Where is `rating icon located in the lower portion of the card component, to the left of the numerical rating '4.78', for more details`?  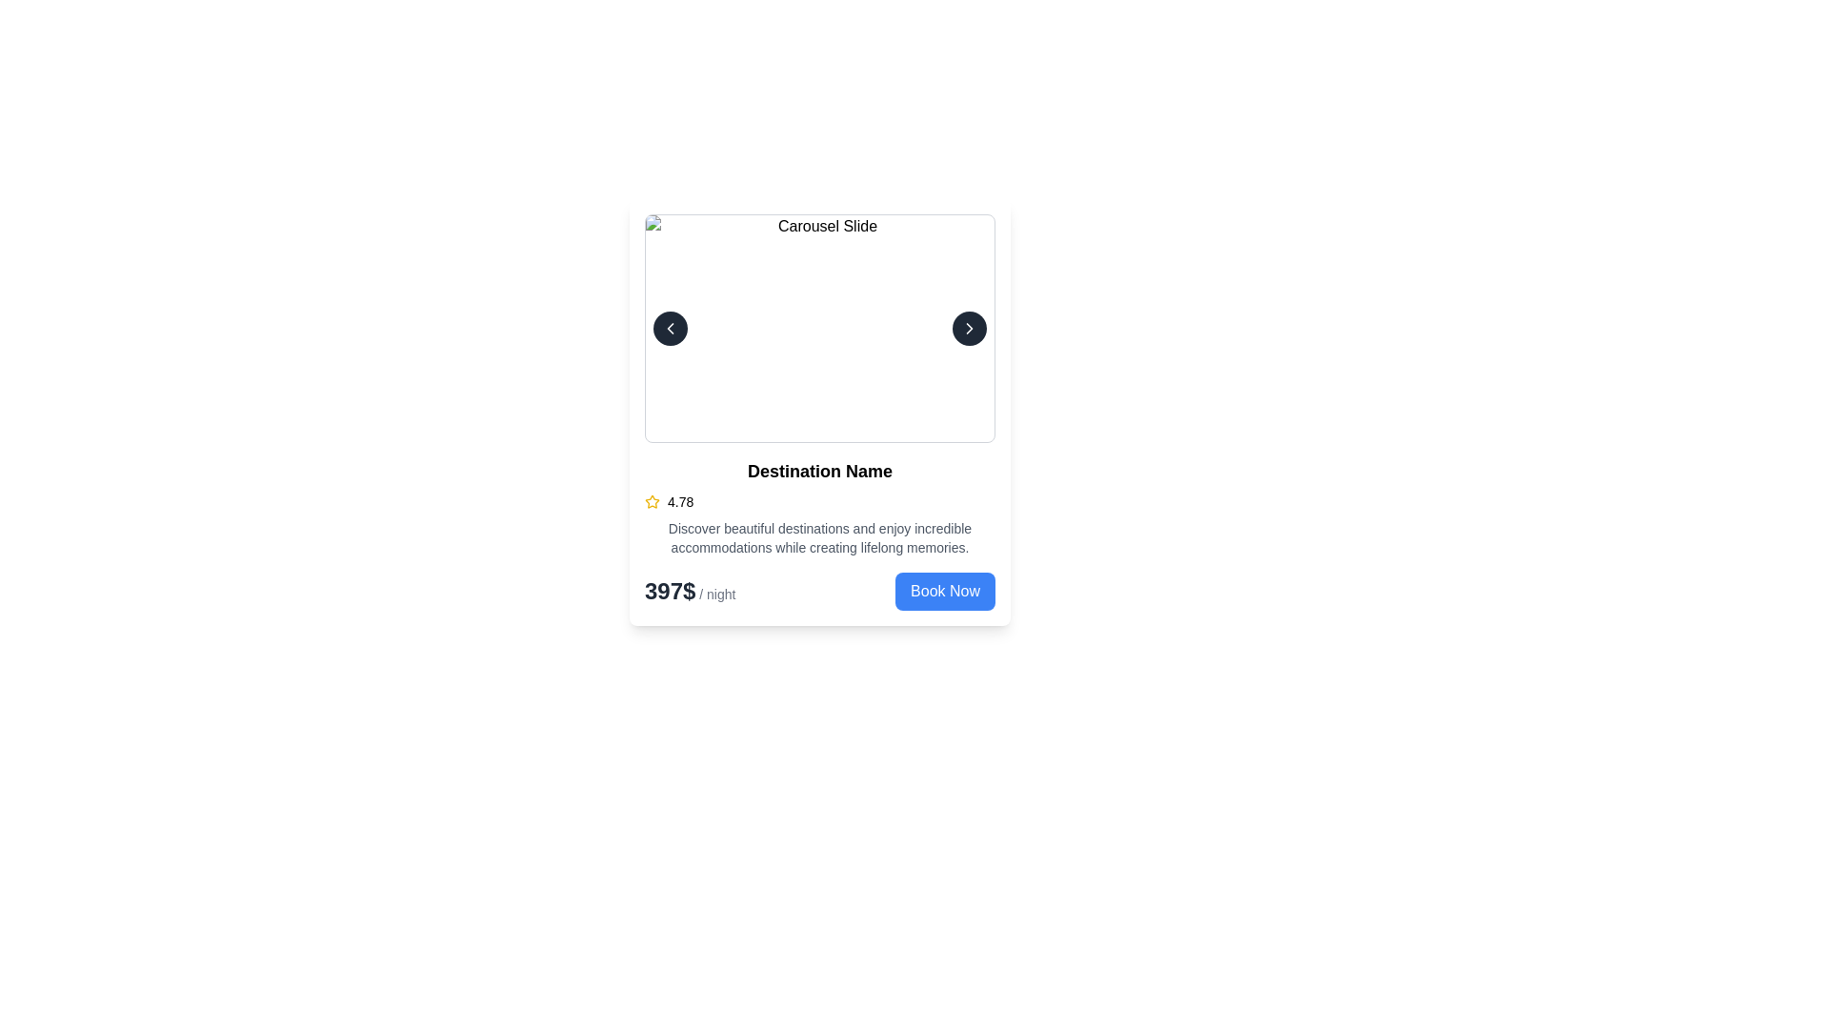
rating icon located in the lower portion of the card component, to the left of the numerical rating '4.78', for more details is located at coordinates (653, 500).